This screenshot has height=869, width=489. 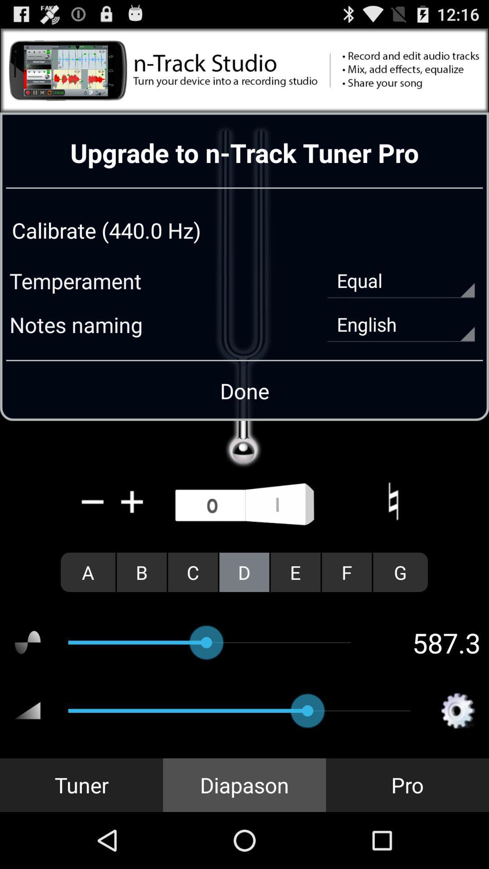 I want to click on the icon to the left of c radio button, so click(x=142, y=572).